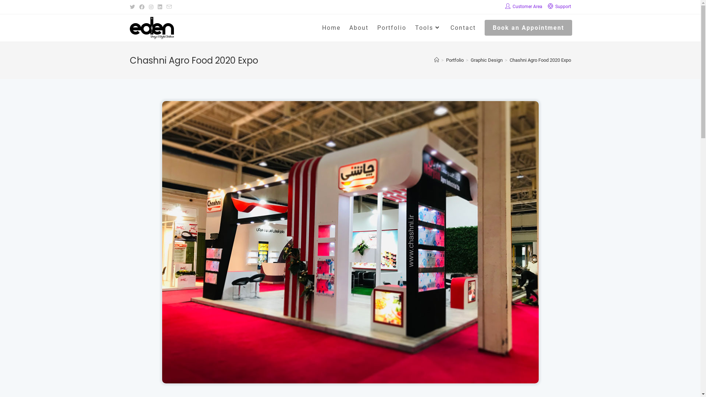  I want to click on 'SEO', so click(405, 326).